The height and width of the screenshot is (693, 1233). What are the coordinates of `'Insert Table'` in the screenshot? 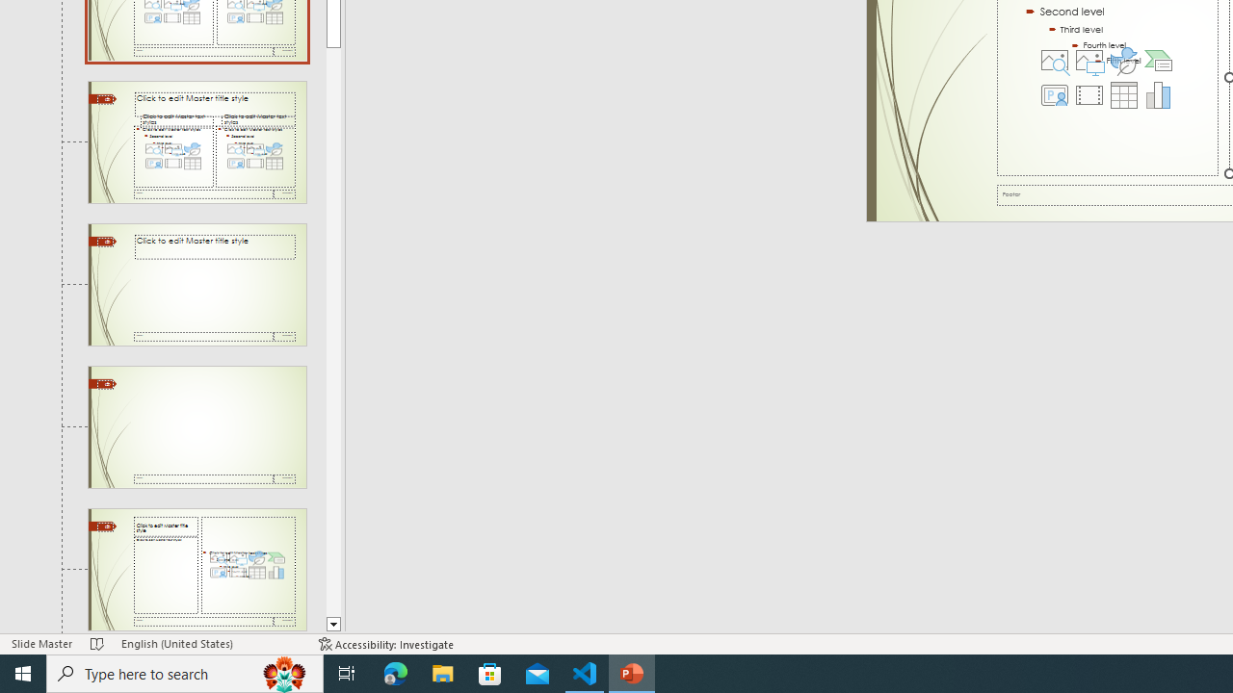 It's located at (1123, 95).